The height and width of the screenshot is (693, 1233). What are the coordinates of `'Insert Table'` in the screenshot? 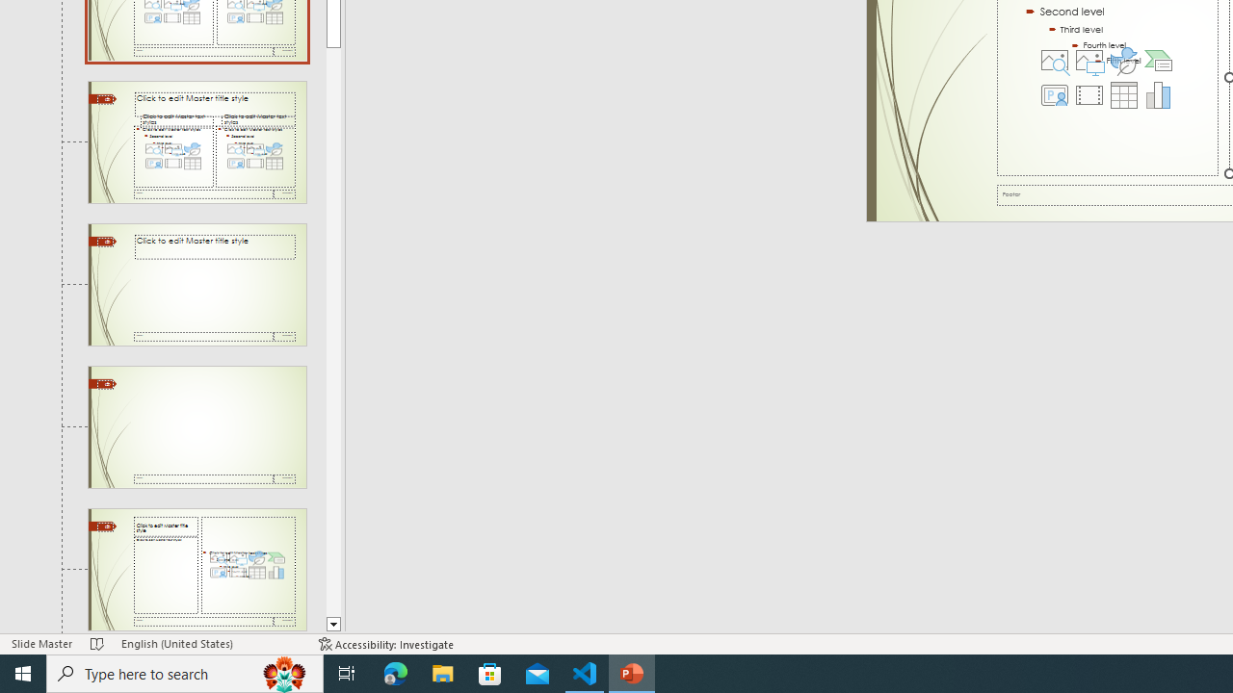 It's located at (1123, 95).